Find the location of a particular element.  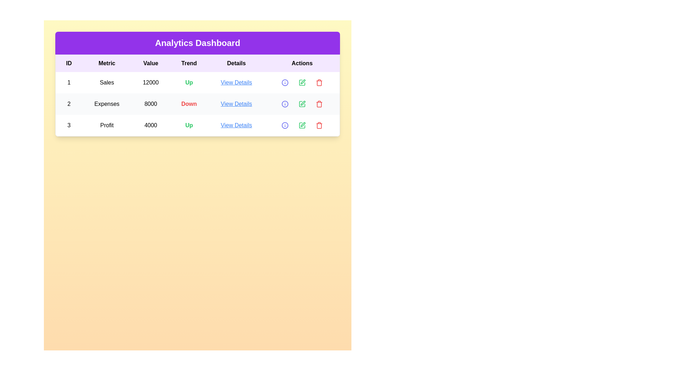

the circular blue icon button with a question mark symbol located in the first row of the 'Actions' column of the table is located at coordinates (284, 82).